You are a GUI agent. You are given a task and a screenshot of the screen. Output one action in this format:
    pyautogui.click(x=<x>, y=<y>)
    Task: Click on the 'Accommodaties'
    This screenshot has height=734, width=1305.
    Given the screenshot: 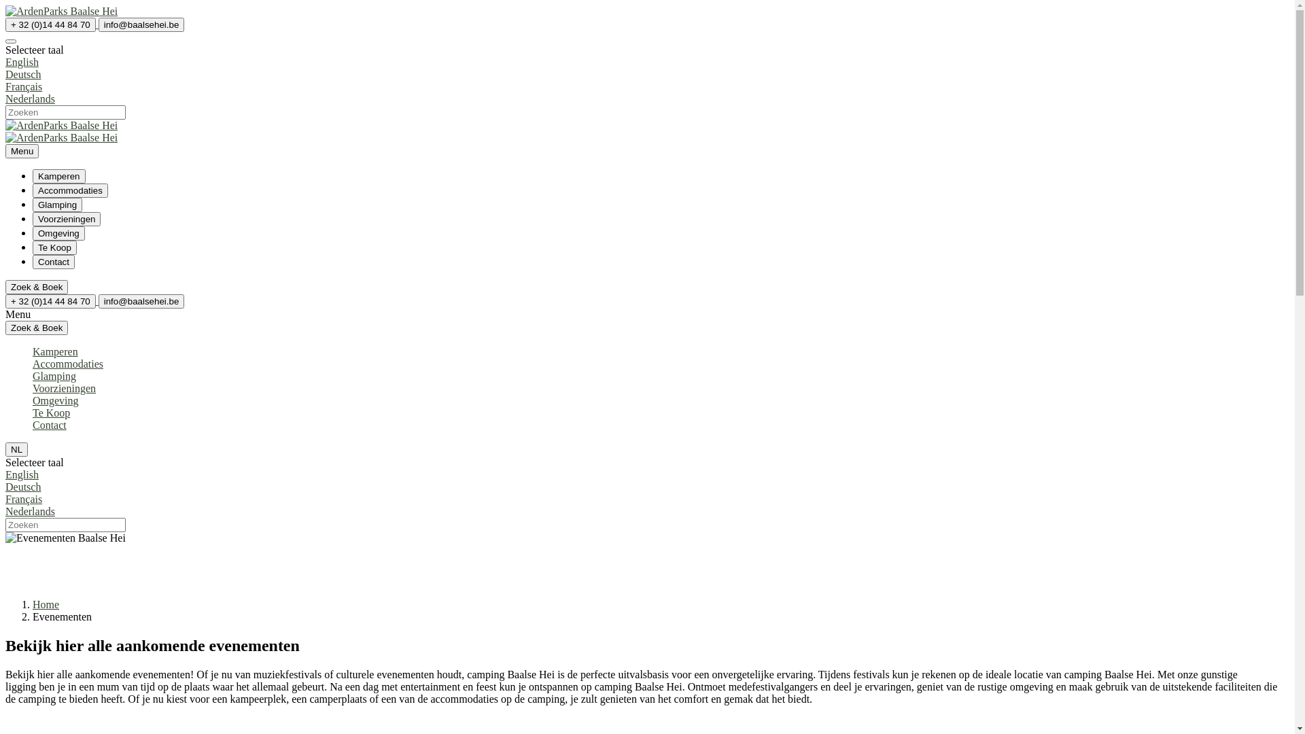 What is the action you would take?
    pyautogui.click(x=67, y=363)
    